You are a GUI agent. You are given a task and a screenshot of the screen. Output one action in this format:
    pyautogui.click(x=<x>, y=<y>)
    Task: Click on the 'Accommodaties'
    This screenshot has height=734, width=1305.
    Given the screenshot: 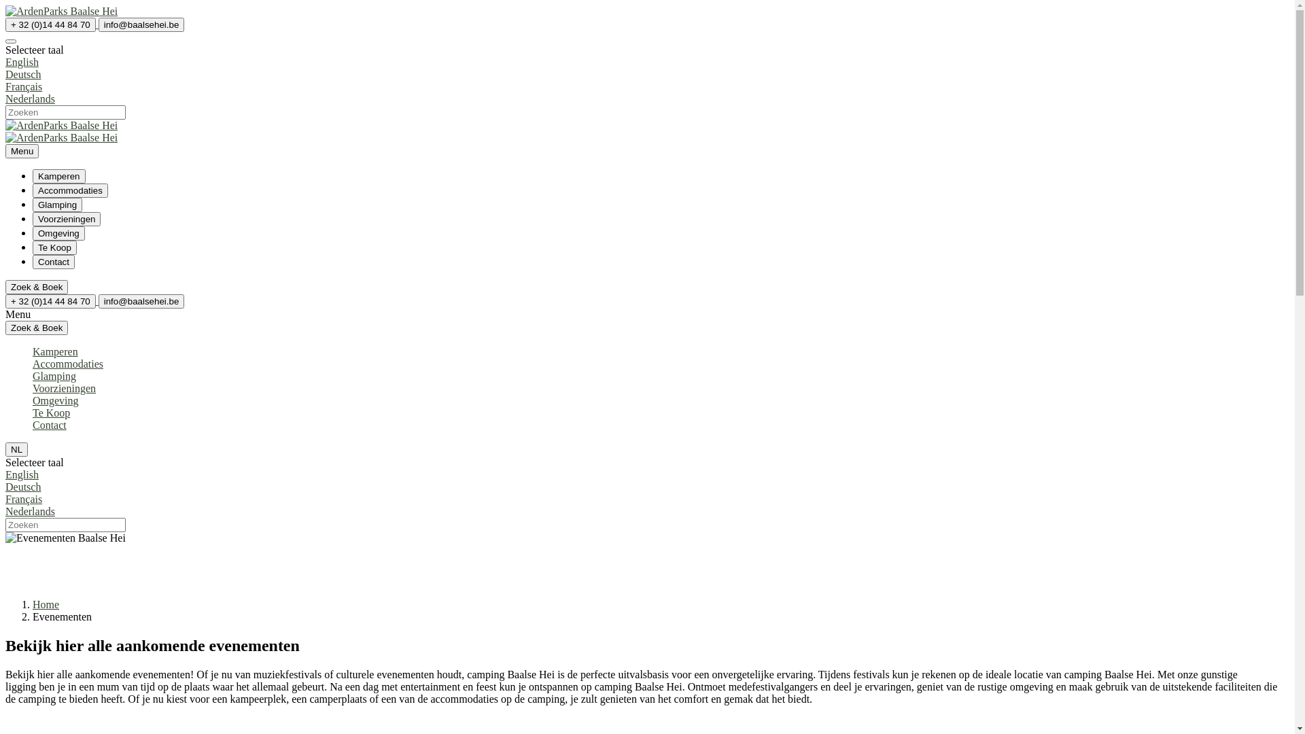 What is the action you would take?
    pyautogui.click(x=67, y=363)
    